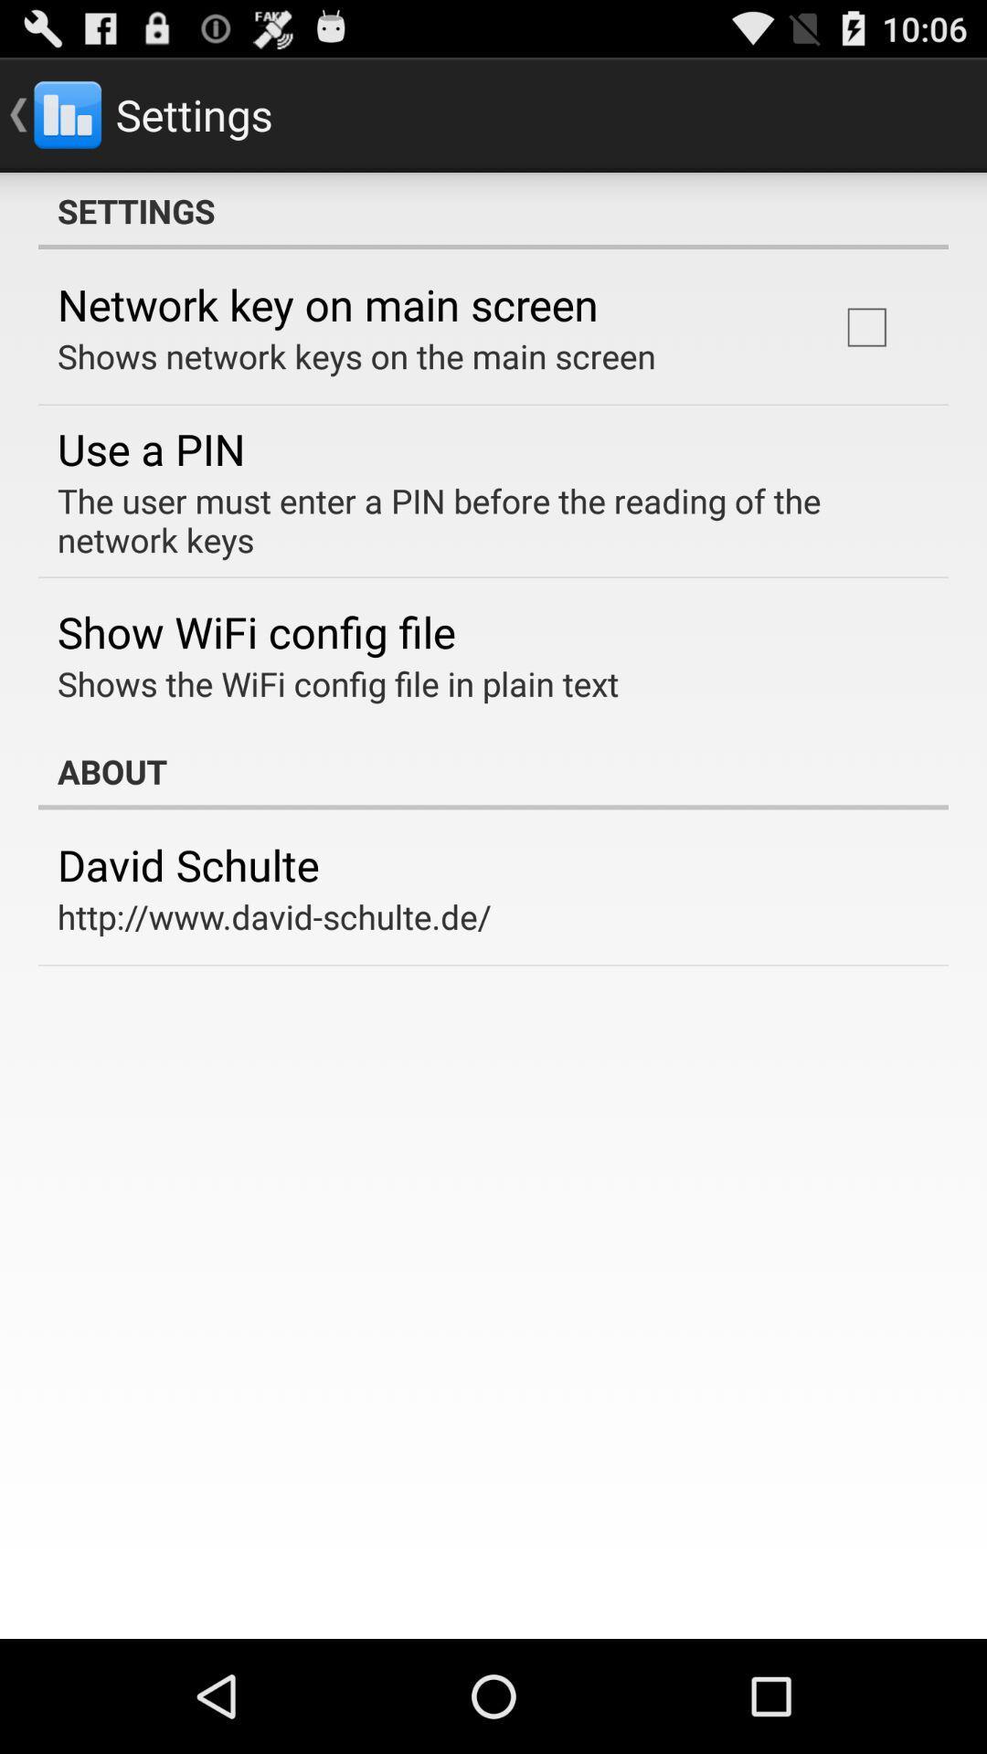 The width and height of the screenshot is (987, 1754). What do you see at coordinates (865, 327) in the screenshot?
I see `item at the top right corner` at bounding box center [865, 327].